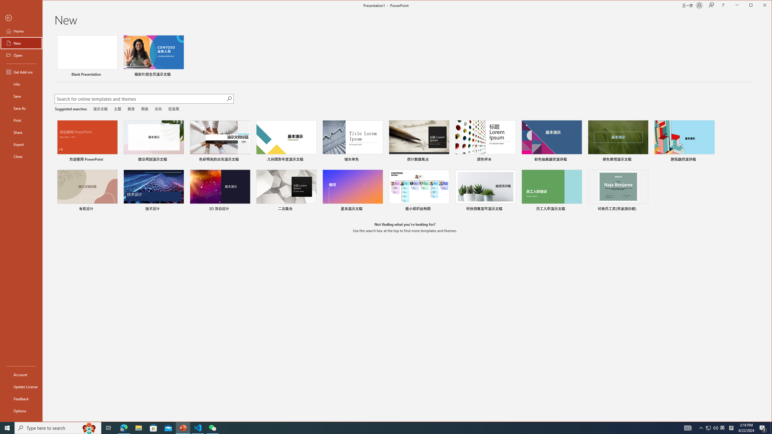 The image size is (772, 434). I want to click on 'Get Add-ins', so click(21, 72).